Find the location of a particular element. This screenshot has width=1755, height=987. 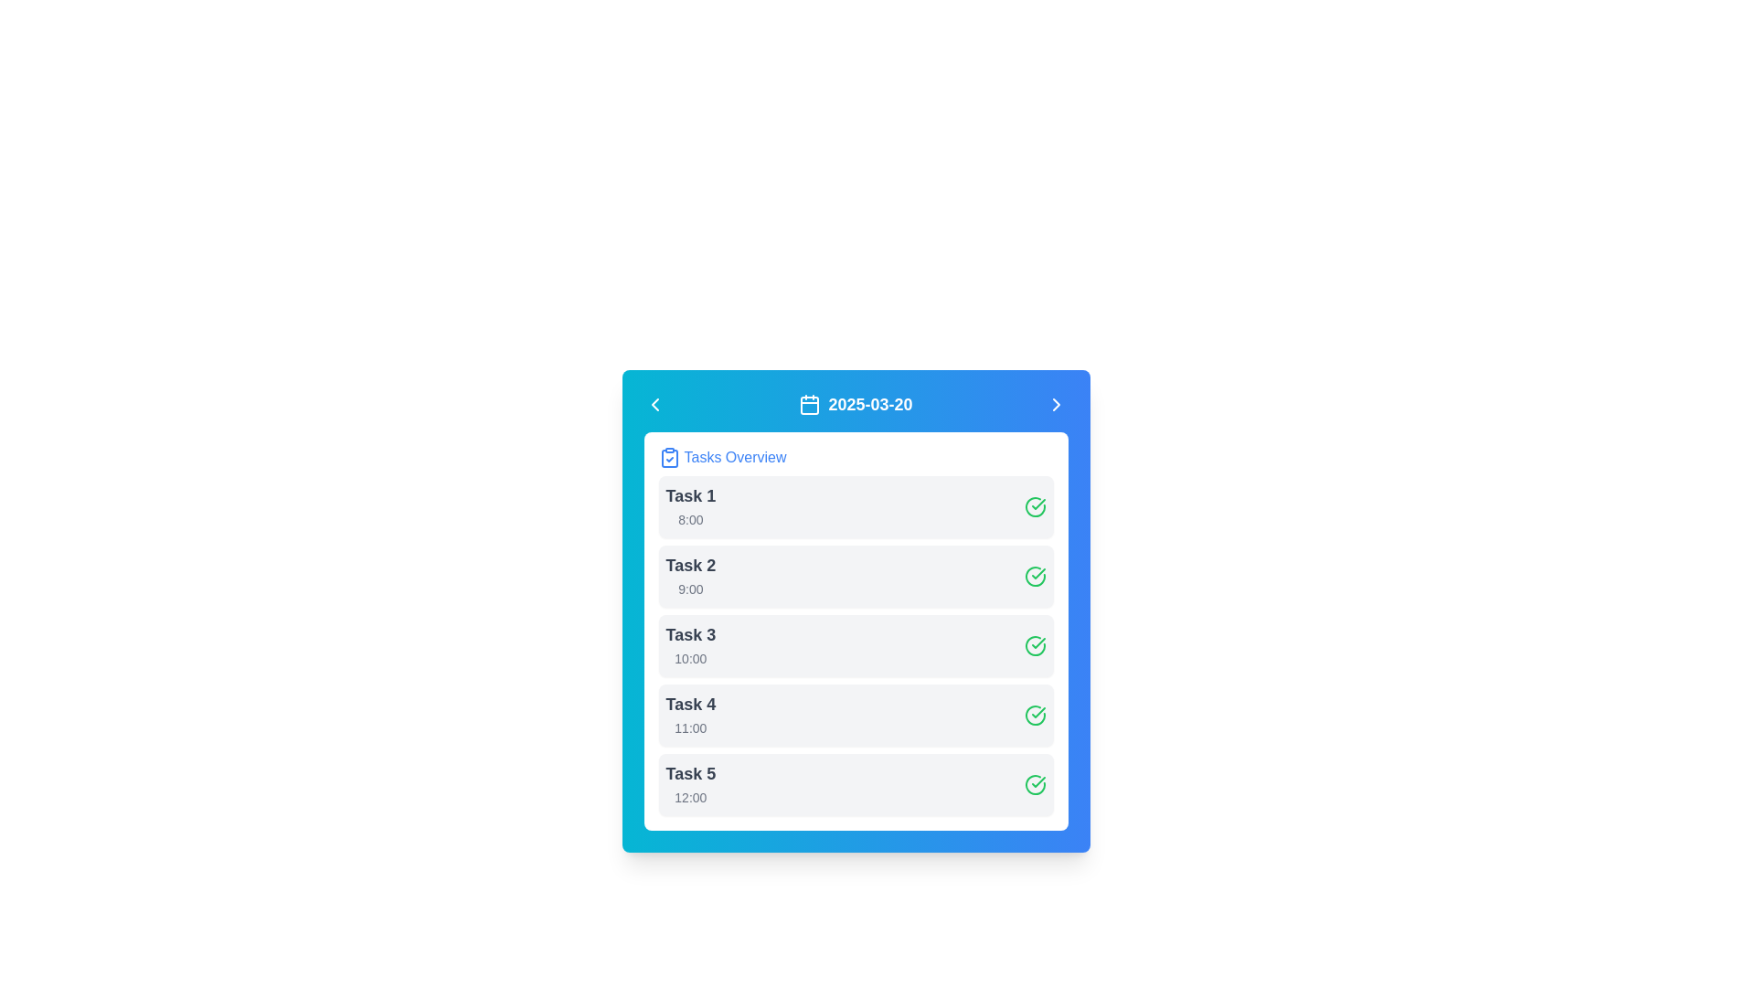

the Text Display Component that displays 'Task 5' and its scheduled time '12:00', positioned beneath 'Task 4' in a vertically stacked list within a card component is located at coordinates (689, 784).